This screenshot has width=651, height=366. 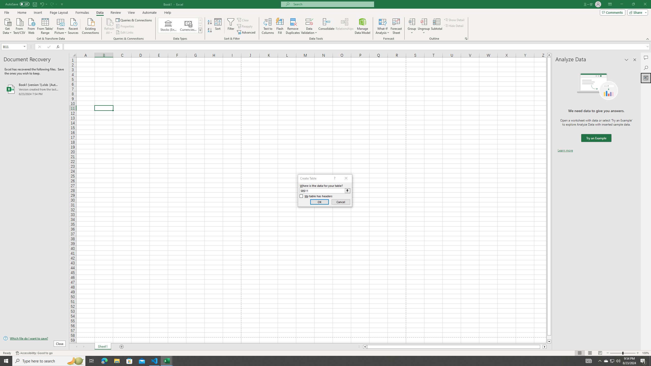 What do you see at coordinates (125, 26) in the screenshot?
I see `'Properties'` at bounding box center [125, 26].